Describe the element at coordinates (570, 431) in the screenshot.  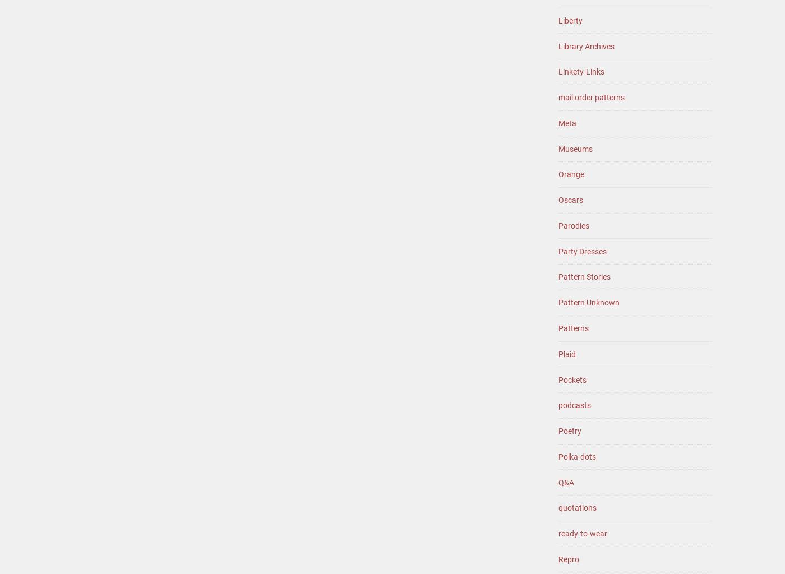
I see `'Poetry'` at that location.